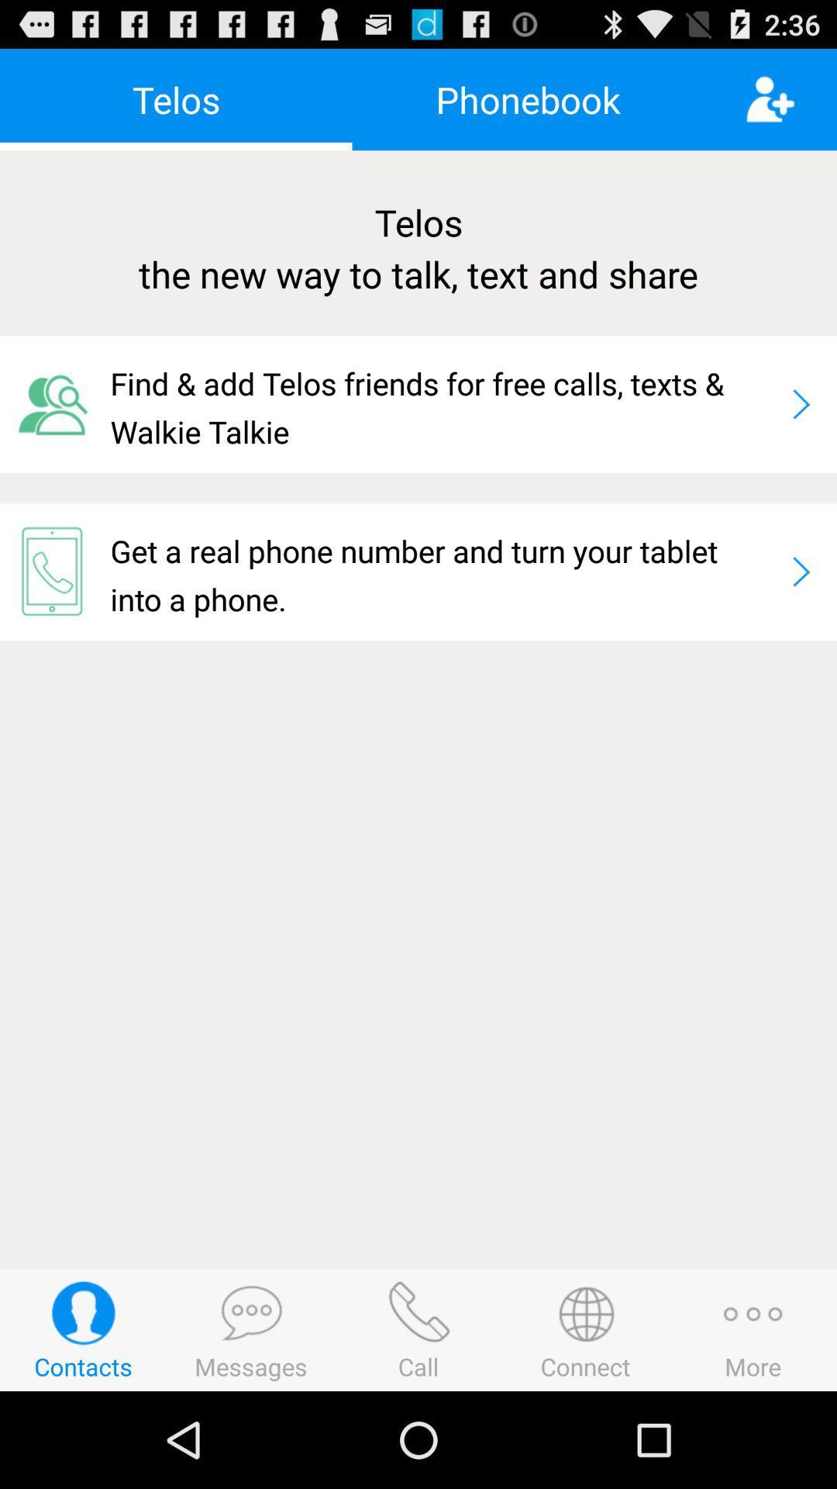 Image resolution: width=837 pixels, height=1489 pixels. I want to click on the icon below the telos the new icon, so click(54, 404).